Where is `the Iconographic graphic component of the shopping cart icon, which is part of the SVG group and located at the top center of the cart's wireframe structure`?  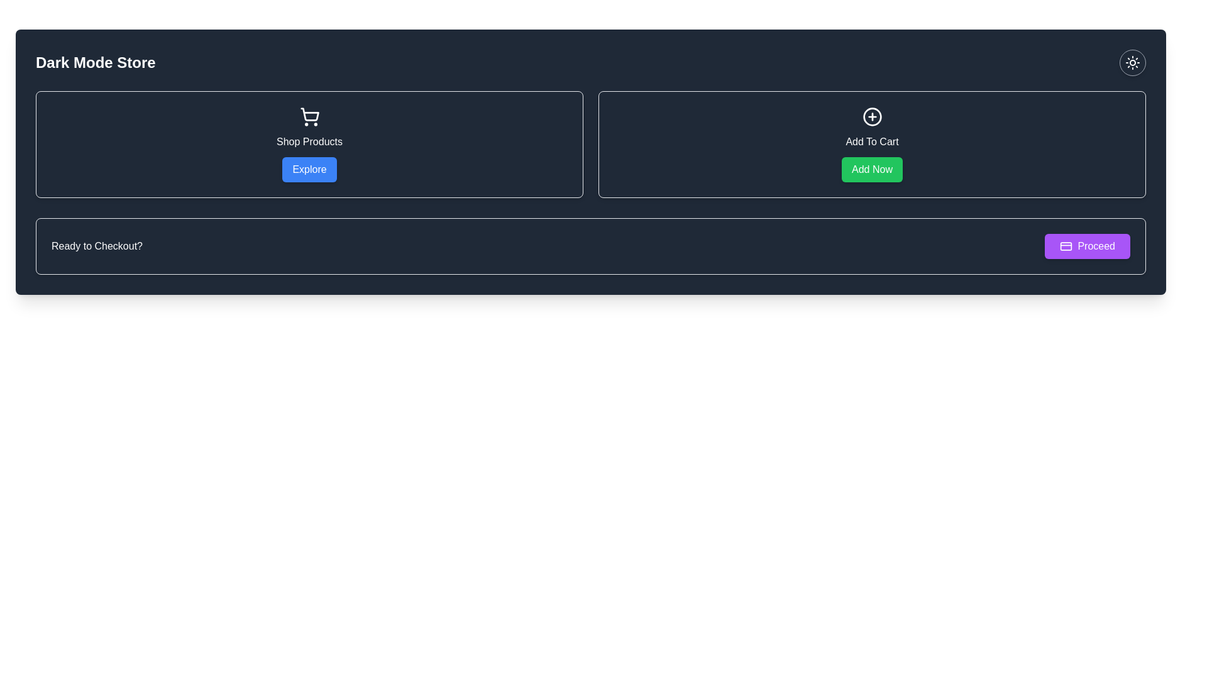
the Iconographic graphic component of the shopping cart icon, which is part of the SVG group and located at the top center of the cart's wireframe structure is located at coordinates (309, 114).